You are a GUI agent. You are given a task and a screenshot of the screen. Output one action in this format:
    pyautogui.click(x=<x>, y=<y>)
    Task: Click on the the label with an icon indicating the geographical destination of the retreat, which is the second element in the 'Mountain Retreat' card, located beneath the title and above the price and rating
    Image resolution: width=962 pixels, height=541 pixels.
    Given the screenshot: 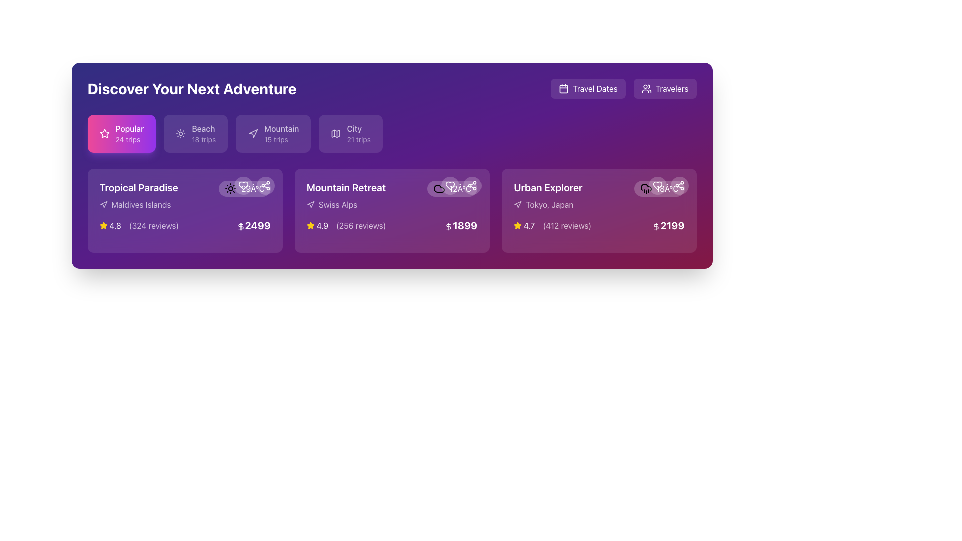 What is the action you would take?
    pyautogui.click(x=346, y=204)
    